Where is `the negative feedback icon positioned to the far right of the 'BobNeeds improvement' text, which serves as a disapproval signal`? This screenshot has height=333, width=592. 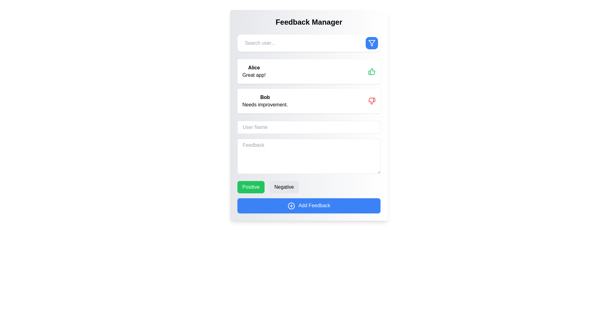 the negative feedback icon positioned to the far right of the 'BobNeeds improvement' text, which serves as a disapproval signal is located at coordinates (371, 101).